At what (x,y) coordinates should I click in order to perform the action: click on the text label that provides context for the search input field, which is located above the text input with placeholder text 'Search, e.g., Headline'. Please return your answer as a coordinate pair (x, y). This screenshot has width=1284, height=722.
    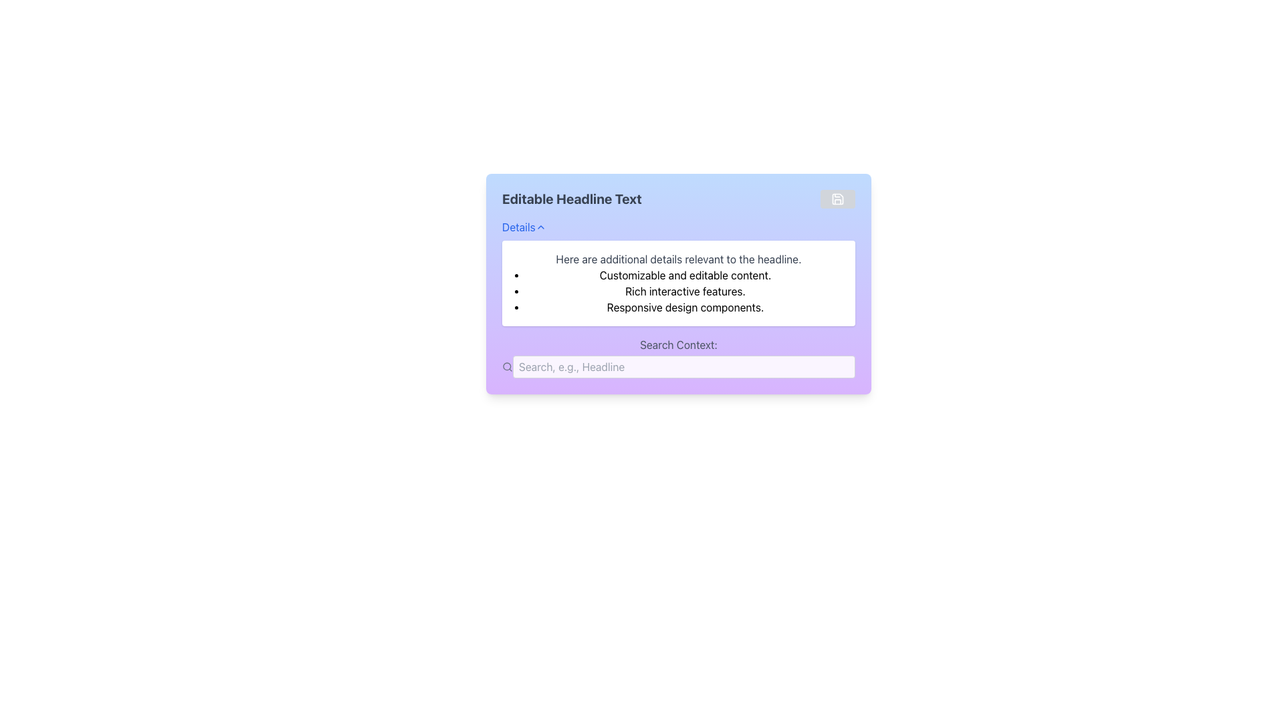
    Looking at the image, I should click on (678, 344).